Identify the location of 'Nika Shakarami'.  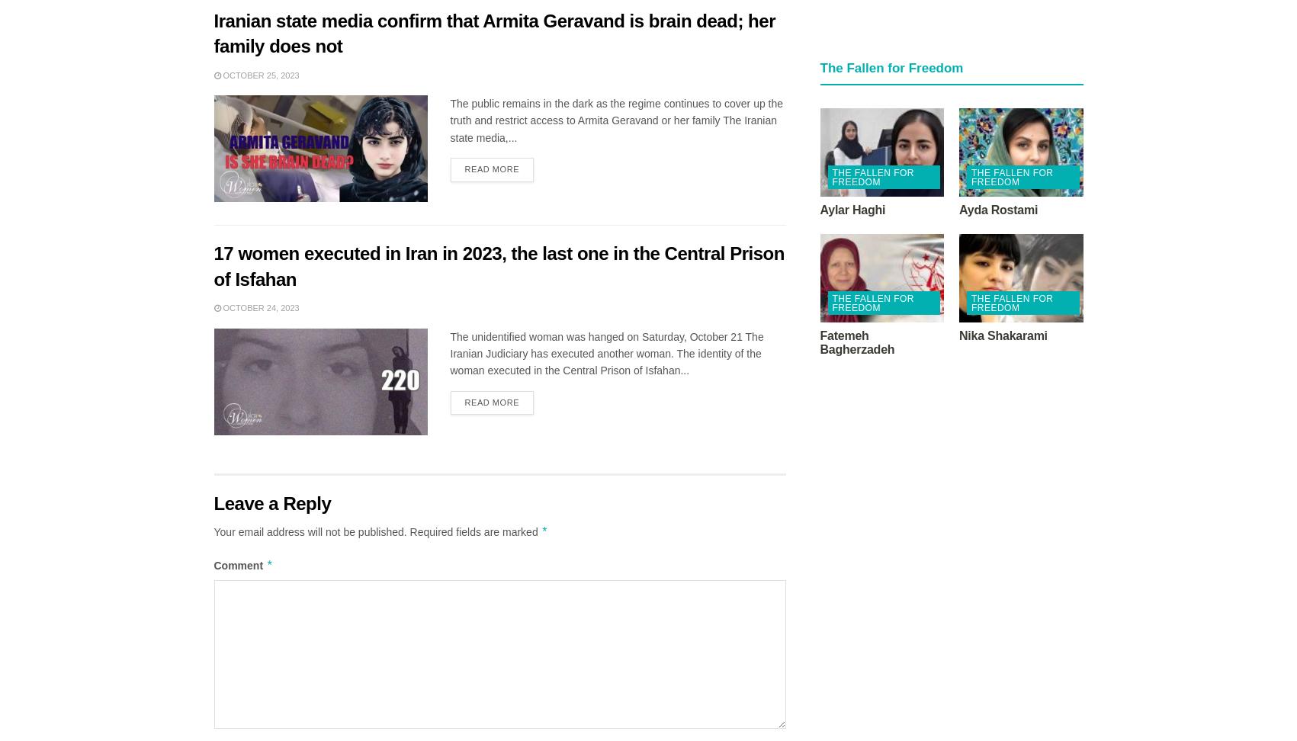
(1003, 335).